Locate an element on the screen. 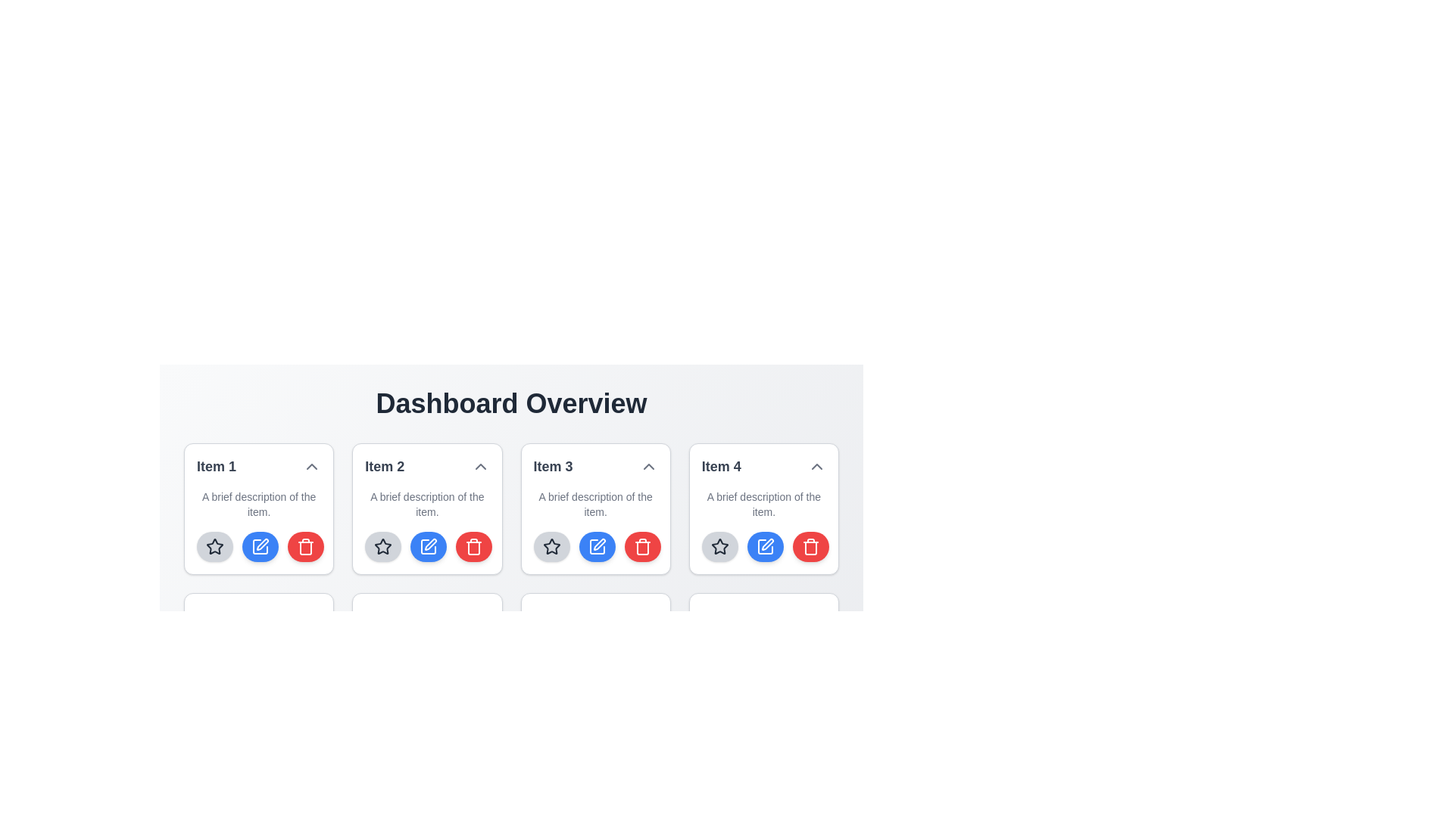 The width and height of the screenshot is (1454, 817). the small gray chevron arrow icon pointing upwards located to the right of the text 'Item 1' in the header of the card is located at coordinates (311, 466).